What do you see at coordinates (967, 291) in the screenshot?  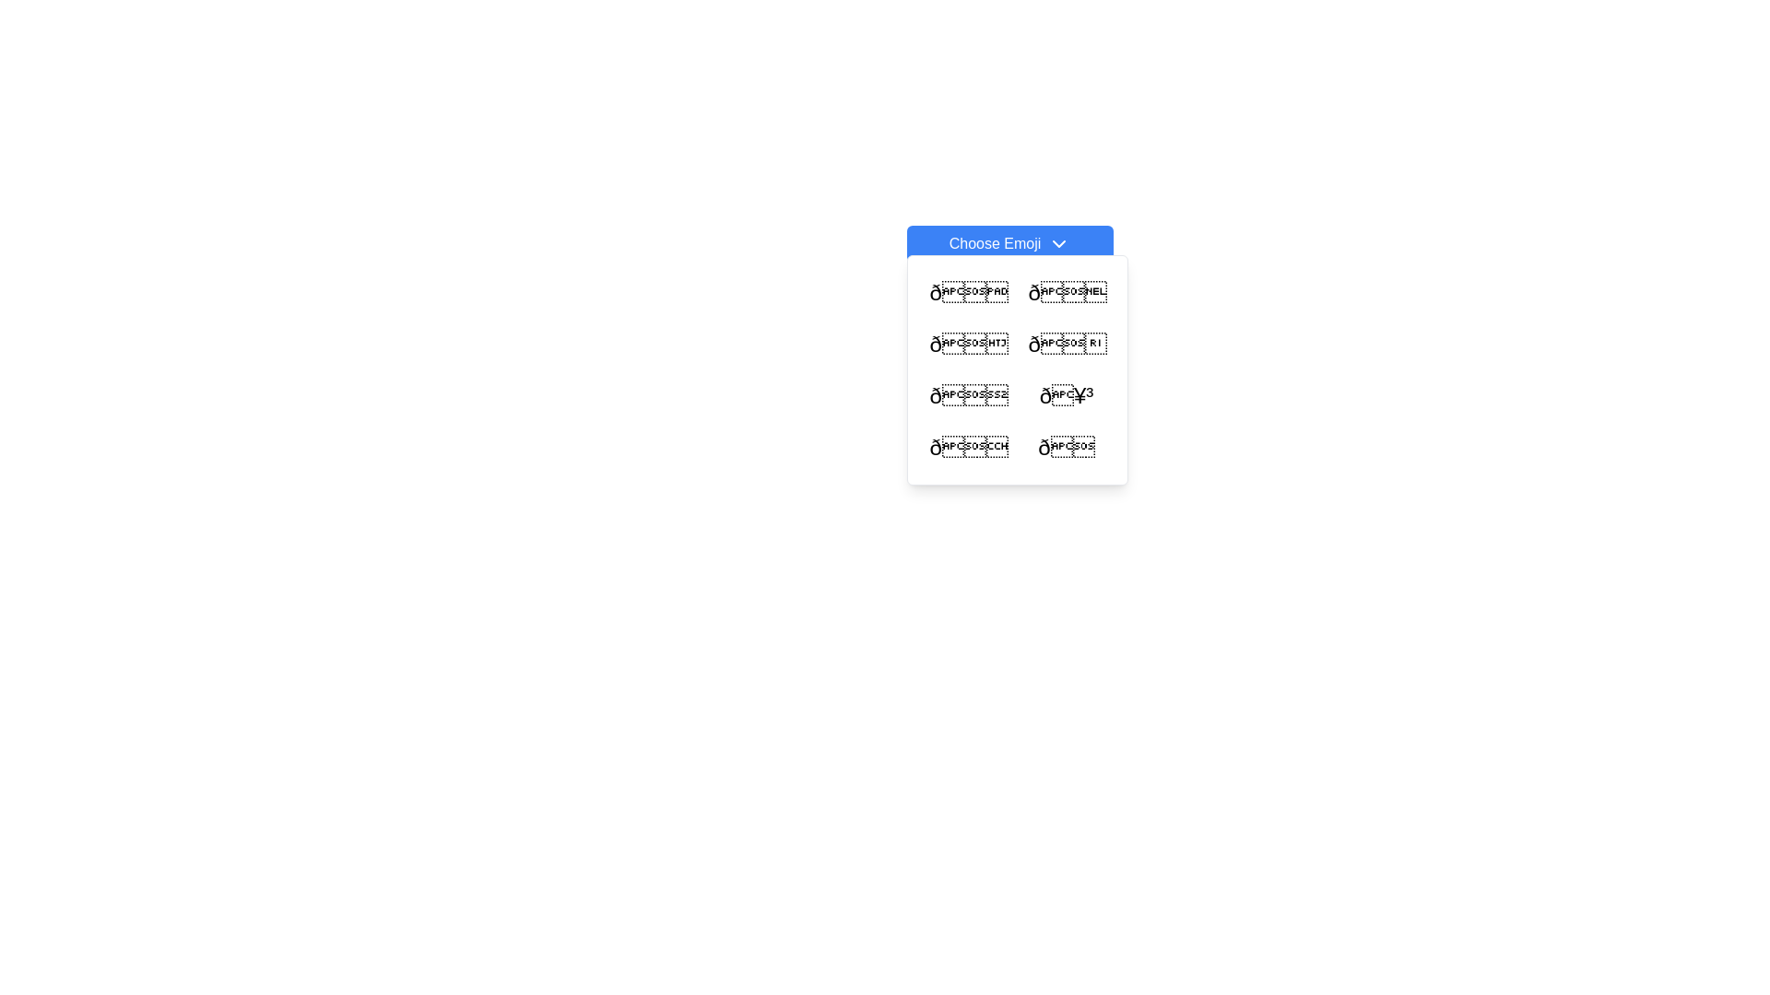 I see `the first emoji in the grid of emoji options` at bounding box center [967, 291].